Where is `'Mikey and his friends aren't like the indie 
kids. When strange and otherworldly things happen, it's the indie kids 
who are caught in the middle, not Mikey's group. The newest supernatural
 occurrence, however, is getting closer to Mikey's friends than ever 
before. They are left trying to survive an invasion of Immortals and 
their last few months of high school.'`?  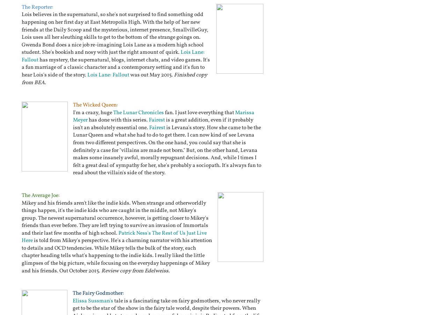 'Mikey and his friends aren't like the indie 
kids. When strange and otherworldly things happen, it's the indie kids 
who are caught in the middle, not Mikey's group. The newest supernatural
 occurrence, however, is getting closer to Mikey's friends than ever 
before. They are left trying to survive an invasion of Immortals and 
their last few months of high school.' is located at coordinates (21, 218).